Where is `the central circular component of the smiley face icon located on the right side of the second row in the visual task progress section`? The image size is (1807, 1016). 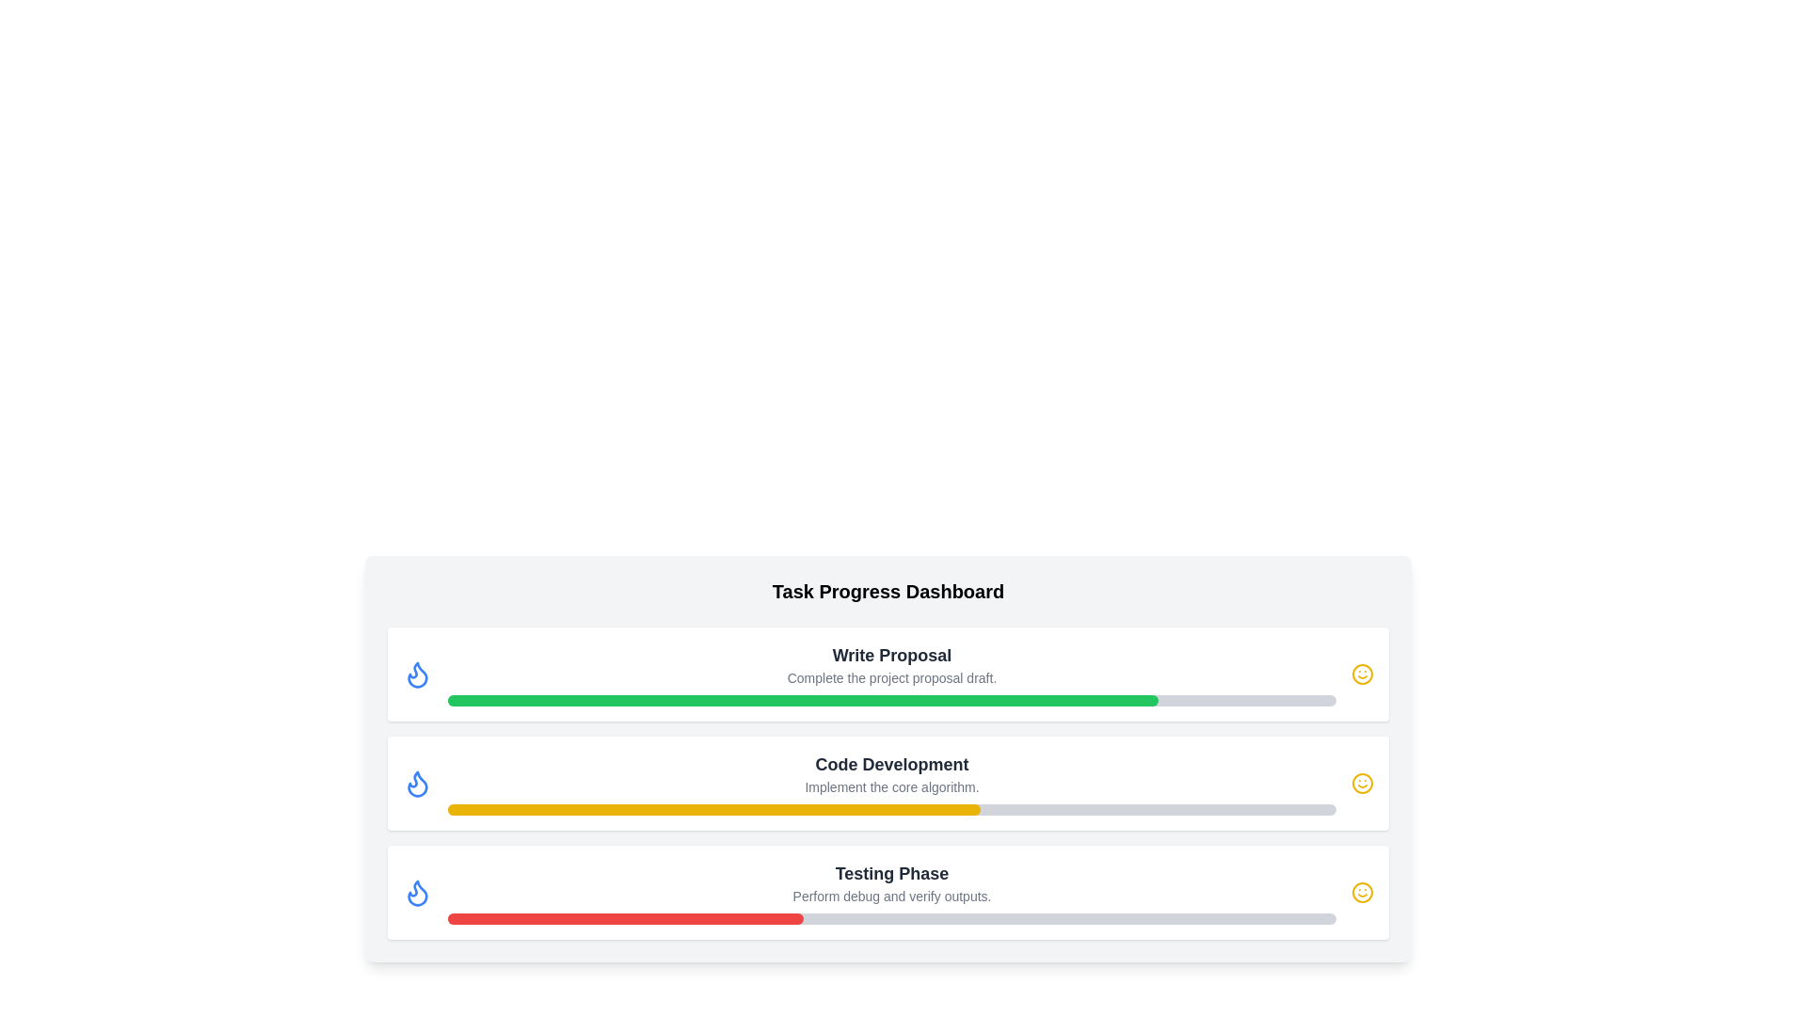
the central circular component of the smiley face icon located on the right side of the second row in the visual task progress section is located at coordinates (1363, 784).